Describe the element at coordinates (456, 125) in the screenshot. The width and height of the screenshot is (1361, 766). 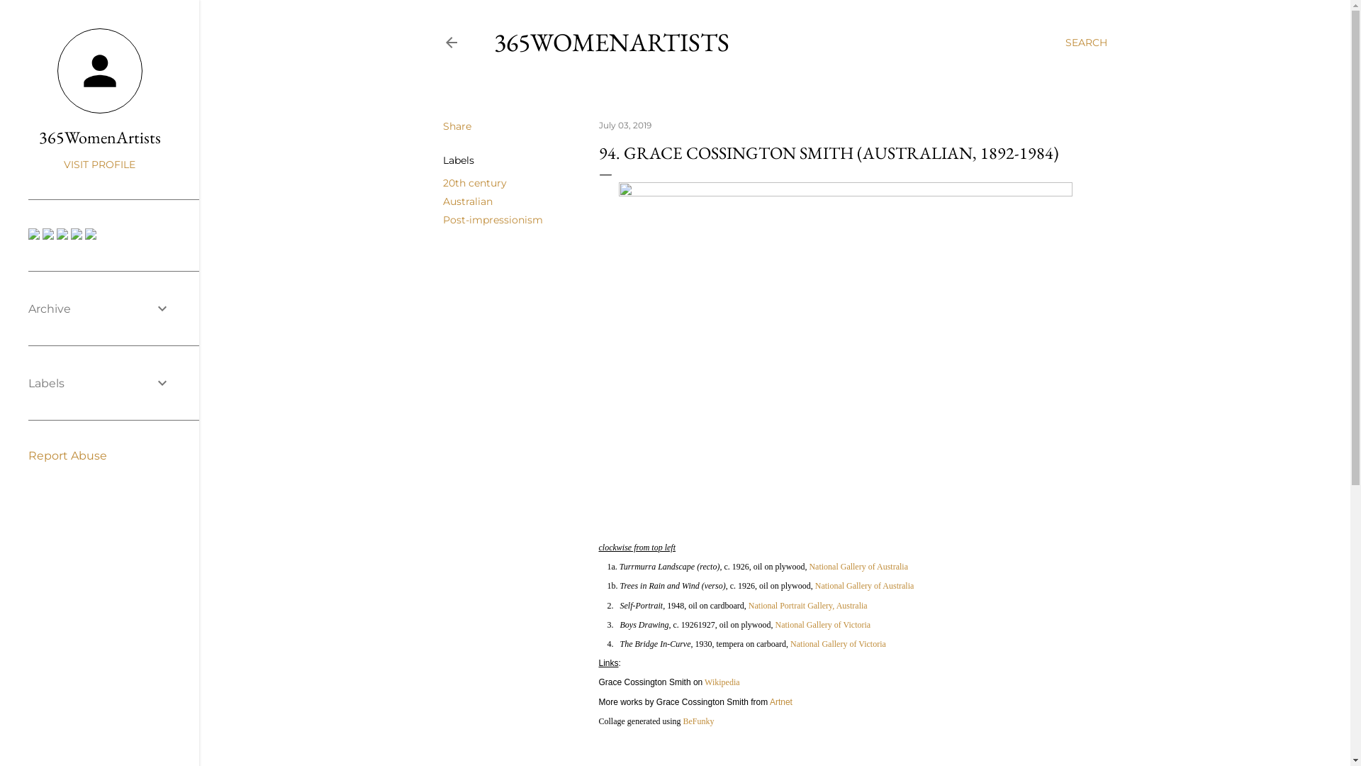
I see `'Share'` at that location.